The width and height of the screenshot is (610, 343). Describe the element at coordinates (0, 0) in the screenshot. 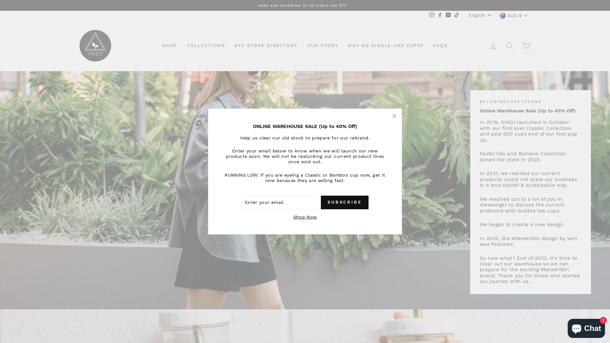

I see `'Skip to content'` at that location.